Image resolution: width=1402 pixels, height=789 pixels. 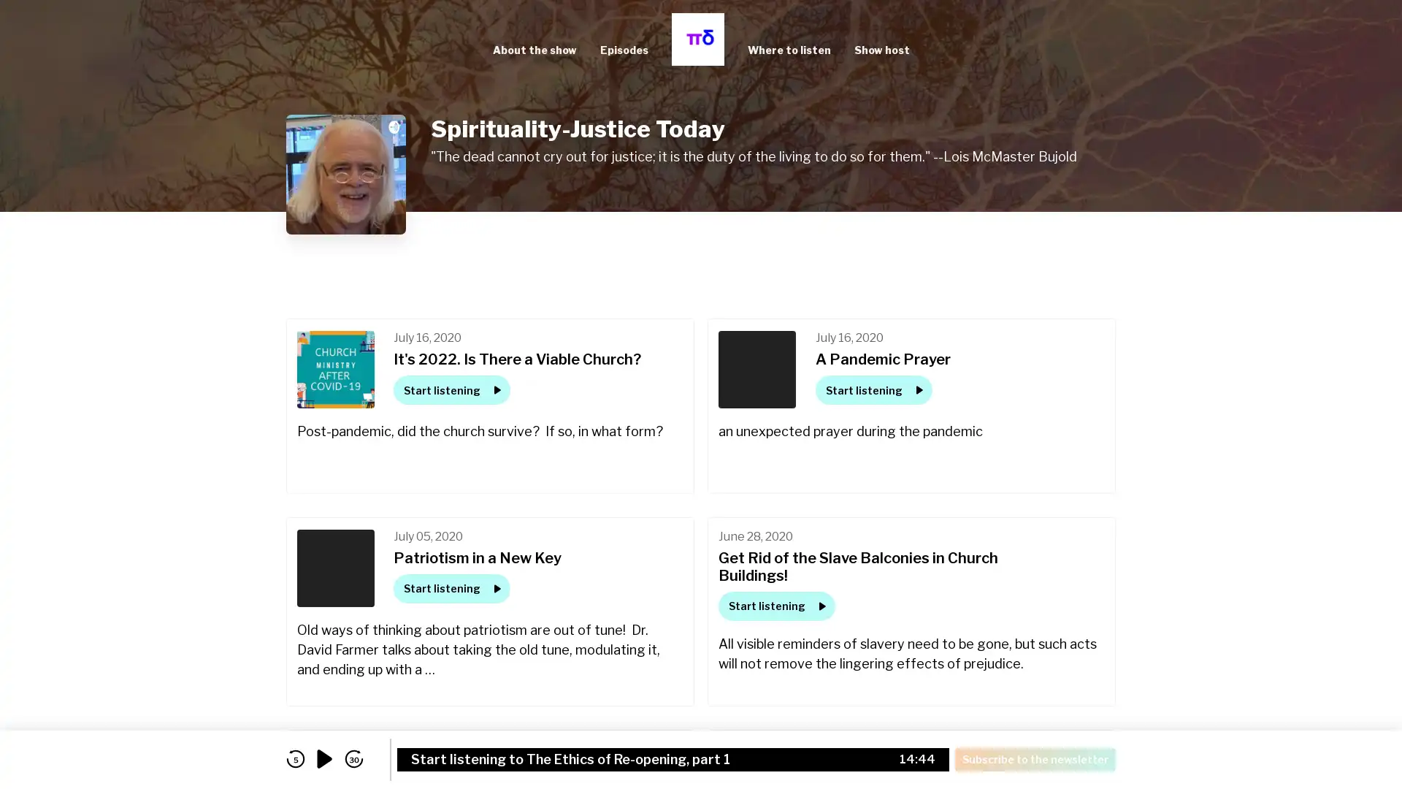 I want to click on Start listening, so click(x=776, y=606).